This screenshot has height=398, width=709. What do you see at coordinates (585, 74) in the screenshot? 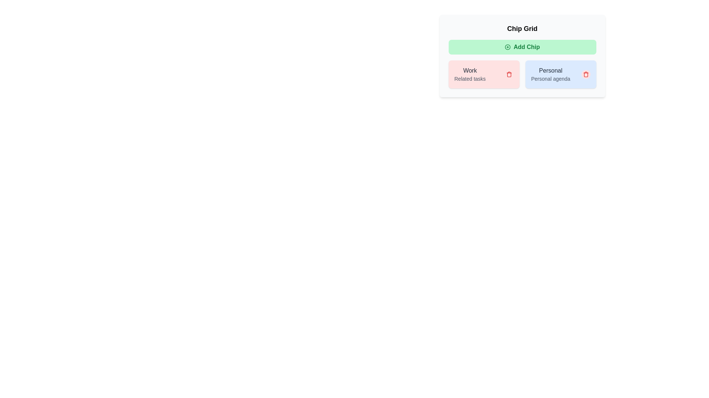
I see `the chip labeled Personal from the grid` at bounding box center [585, 74].